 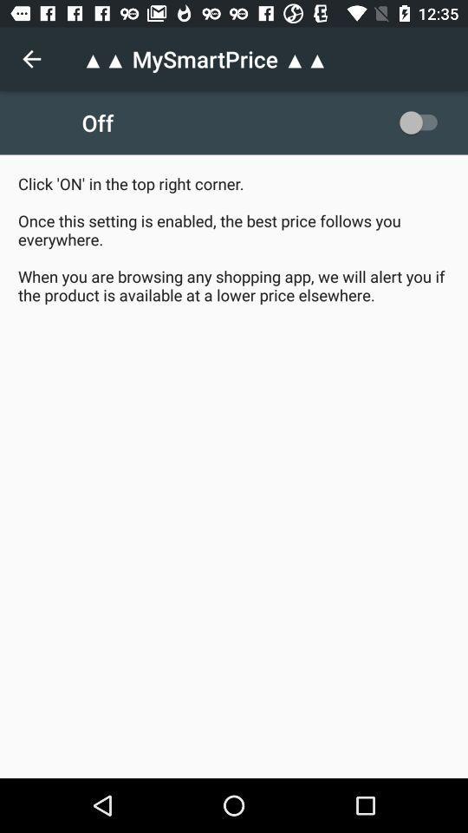 What do you see at coordinates (31, 59) in the screenshot?
I see `the item at the top left corner` at bounding box center [31, 59].